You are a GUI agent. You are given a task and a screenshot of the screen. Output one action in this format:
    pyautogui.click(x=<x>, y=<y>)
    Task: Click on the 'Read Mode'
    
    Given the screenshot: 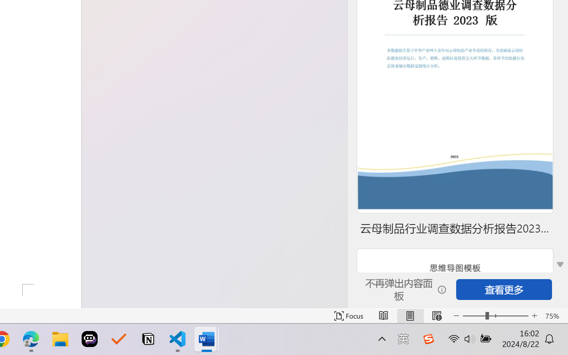 What is the action you would take?
    pyautogui.click(x=383, y=316)
    